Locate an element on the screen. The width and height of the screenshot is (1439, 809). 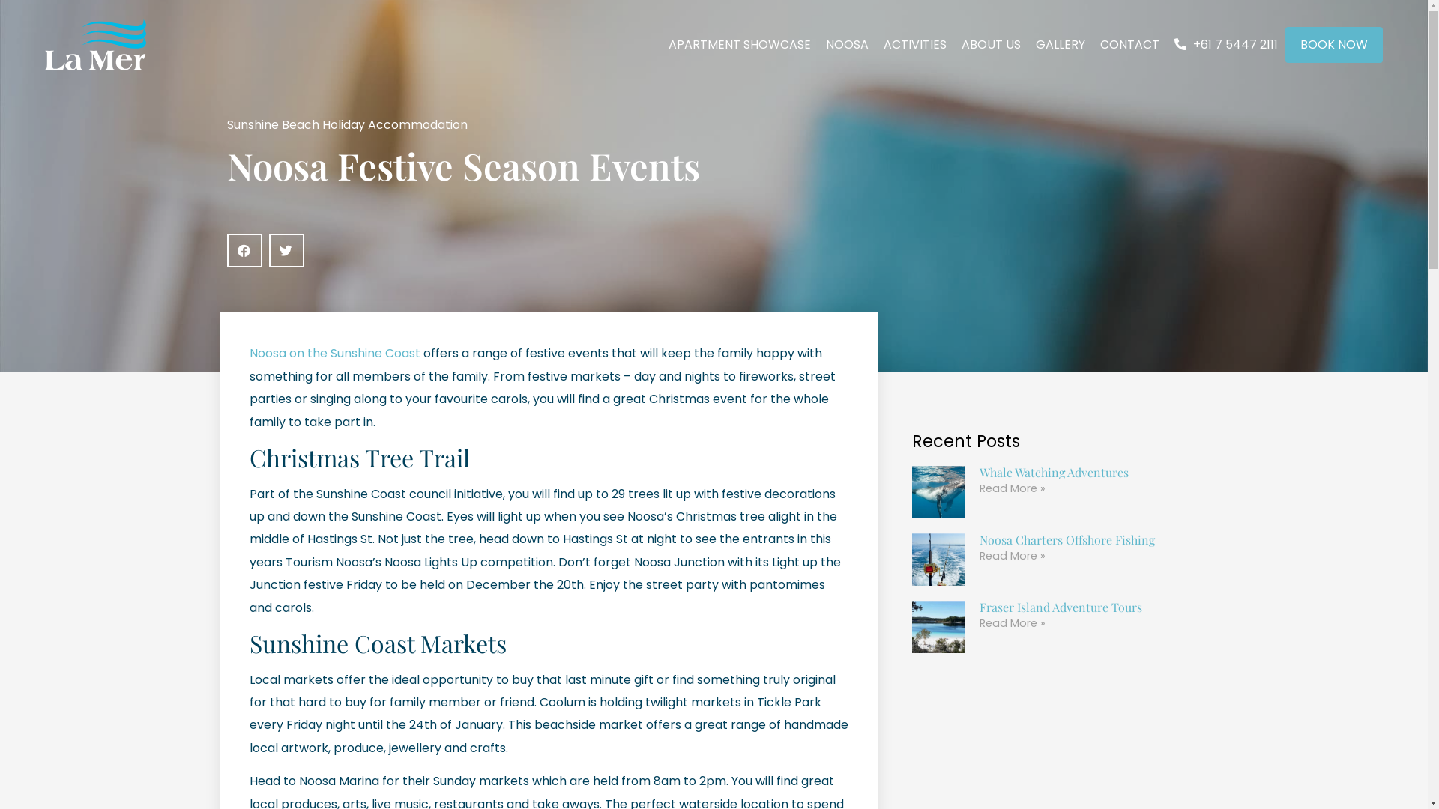
'+61 7 5447 2111' is located at coordinates (1226, 44).